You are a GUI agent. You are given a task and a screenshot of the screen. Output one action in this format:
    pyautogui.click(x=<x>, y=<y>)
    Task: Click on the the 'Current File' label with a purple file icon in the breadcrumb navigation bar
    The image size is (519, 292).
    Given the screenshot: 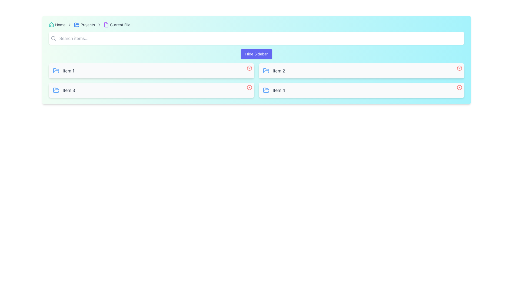 What is the action you would take?
    pyautogui.click(x=117, y=25)
    